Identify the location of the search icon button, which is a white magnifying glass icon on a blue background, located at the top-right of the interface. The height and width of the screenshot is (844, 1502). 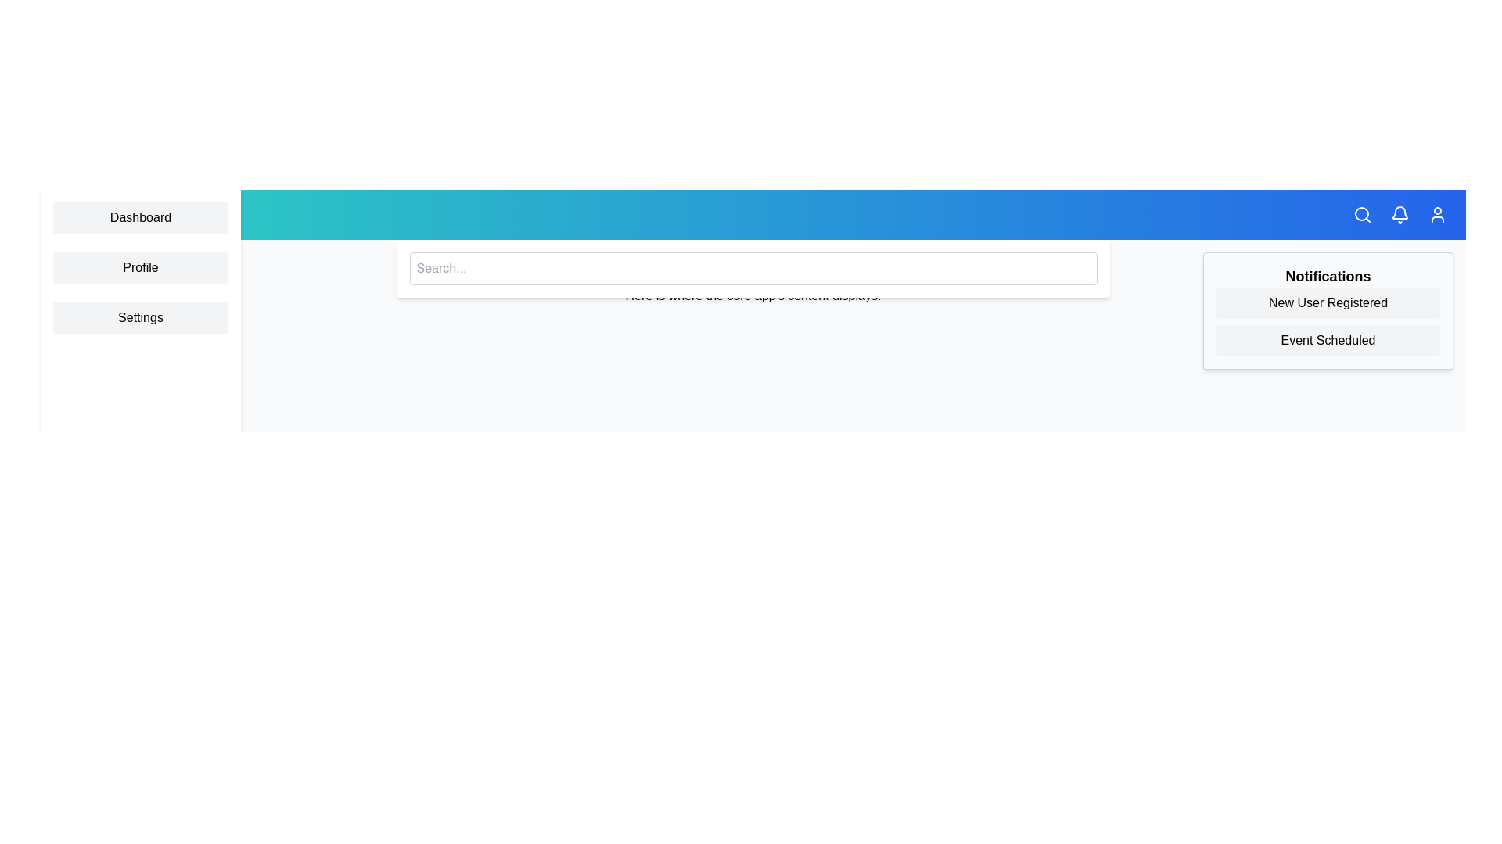
(1362, 214).